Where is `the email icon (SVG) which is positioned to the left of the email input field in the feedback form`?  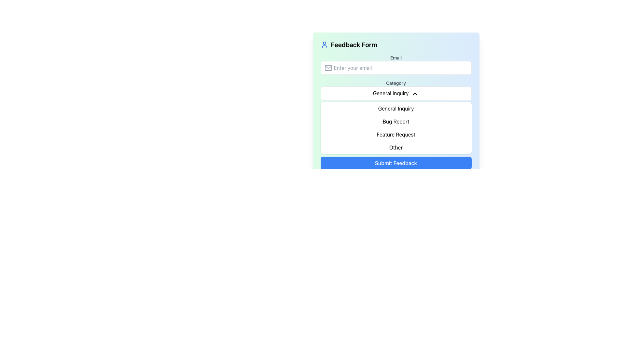
the email icon (SVG) which is positioned to the left of the email input field in the feedback form is located at coordinates (328, 68).